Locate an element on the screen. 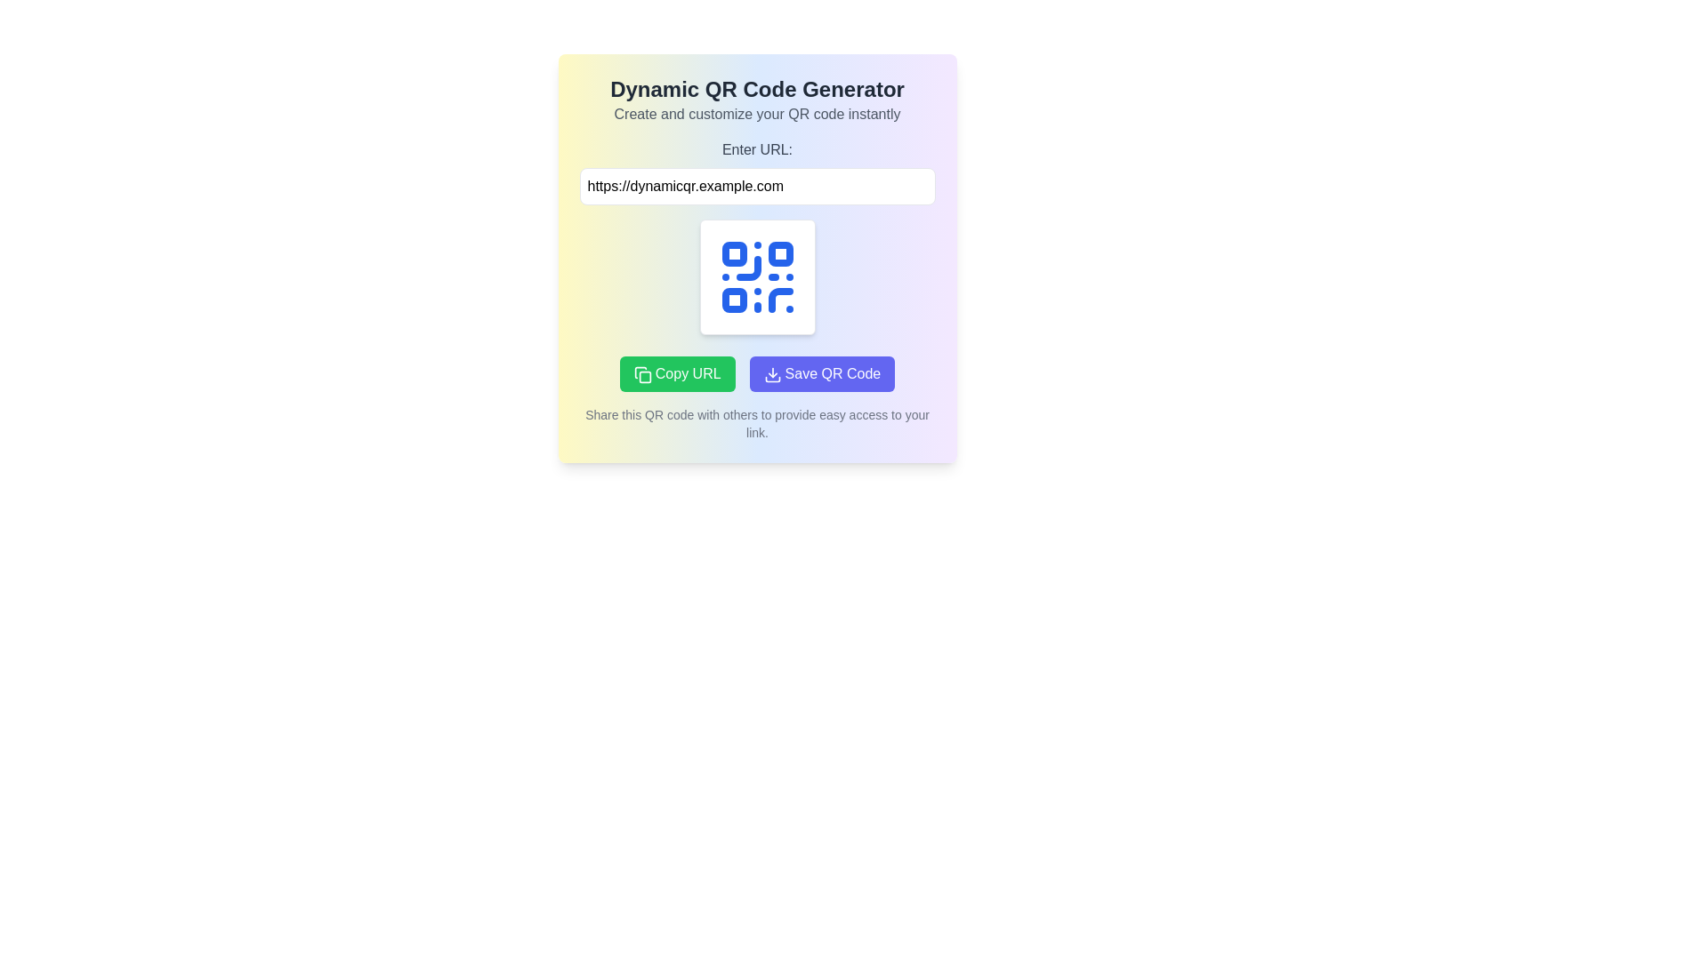  the Text header that serves as the title of the page for generating dynamic QR codes, located at the top-center of the interface is located at coordinates (757, 89).